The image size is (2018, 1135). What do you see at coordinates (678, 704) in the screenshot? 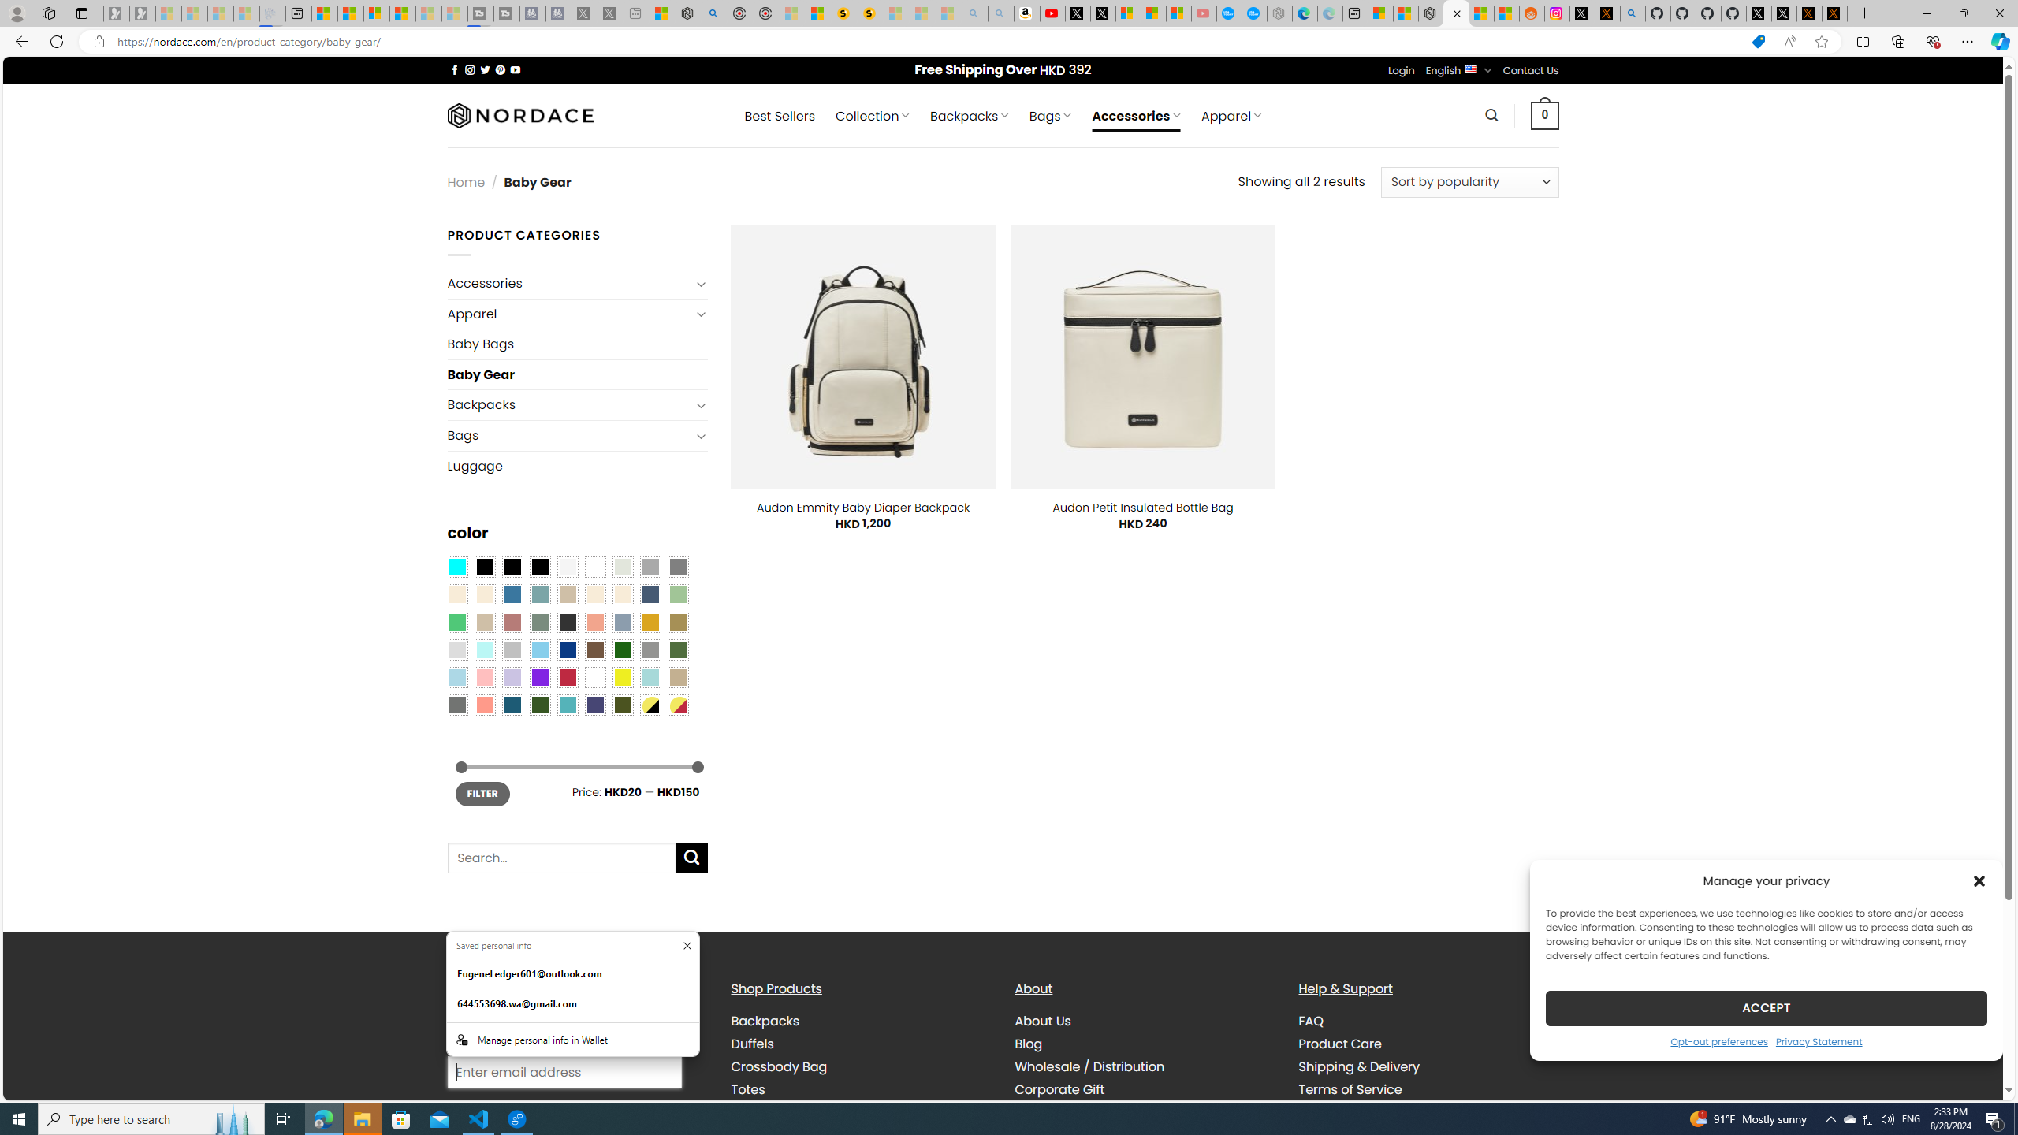
I see `'Yellow-Red'` at bounding box center [678, 704].